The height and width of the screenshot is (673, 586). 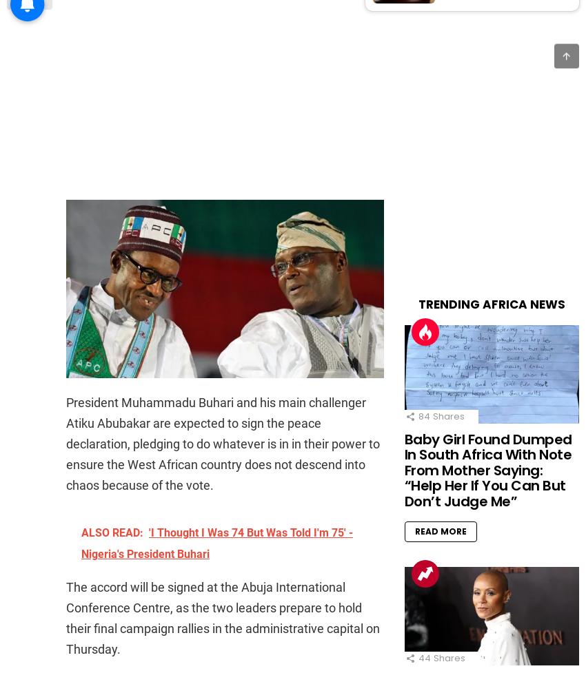 What do you see at coordinates (423, 657) in the screenshot?
I see `'44'` at bounding box center [423, 657].